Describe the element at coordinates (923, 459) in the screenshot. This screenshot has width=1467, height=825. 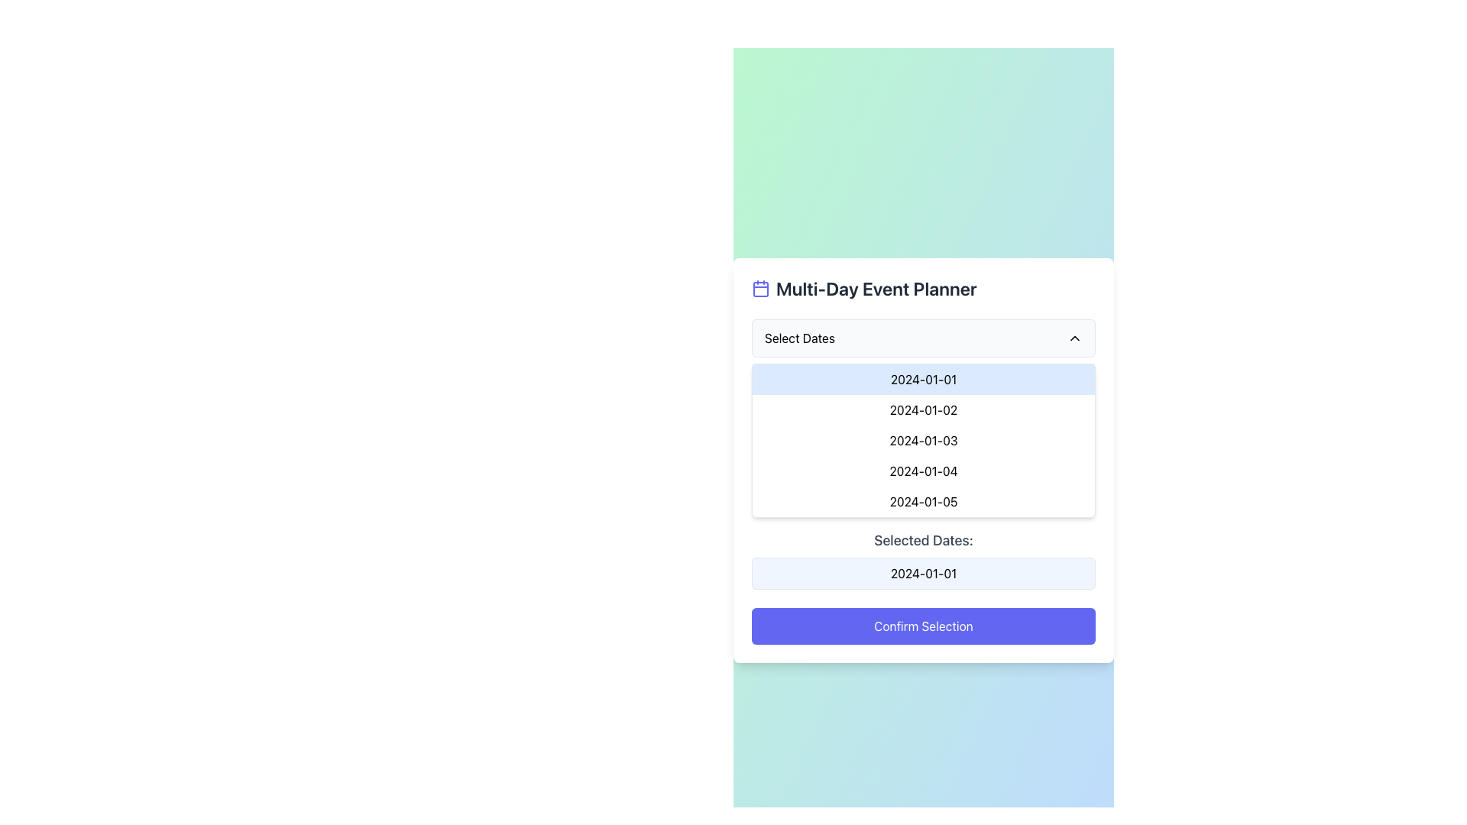
I see `the date selection element within the date range selector interface` at that location.